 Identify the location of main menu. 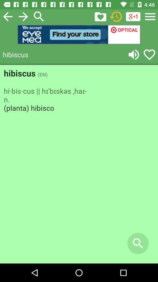
(150, 16).